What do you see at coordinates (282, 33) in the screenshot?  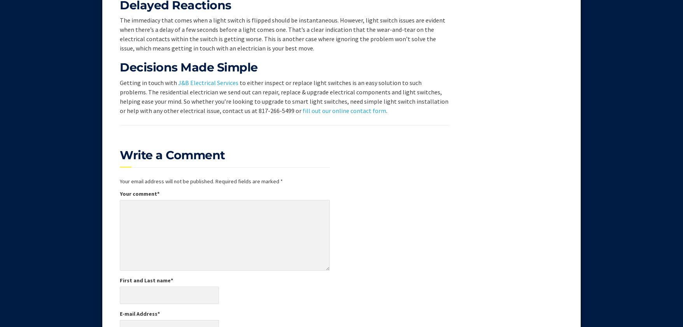 I see `'The immediacy that comes when a light switch is flipped should be instantaneous. However, light switch issues are evident when there’s a delay of a few seconds before a light comes one. That’s a clear indication that the wear-and-tear on the electrical contacts within the switch is getting worse. This is another case where ignoring the problem won’t solve the issue, which means getting in touch with an electrician is your best move.'` at bounding box center [282, 33].